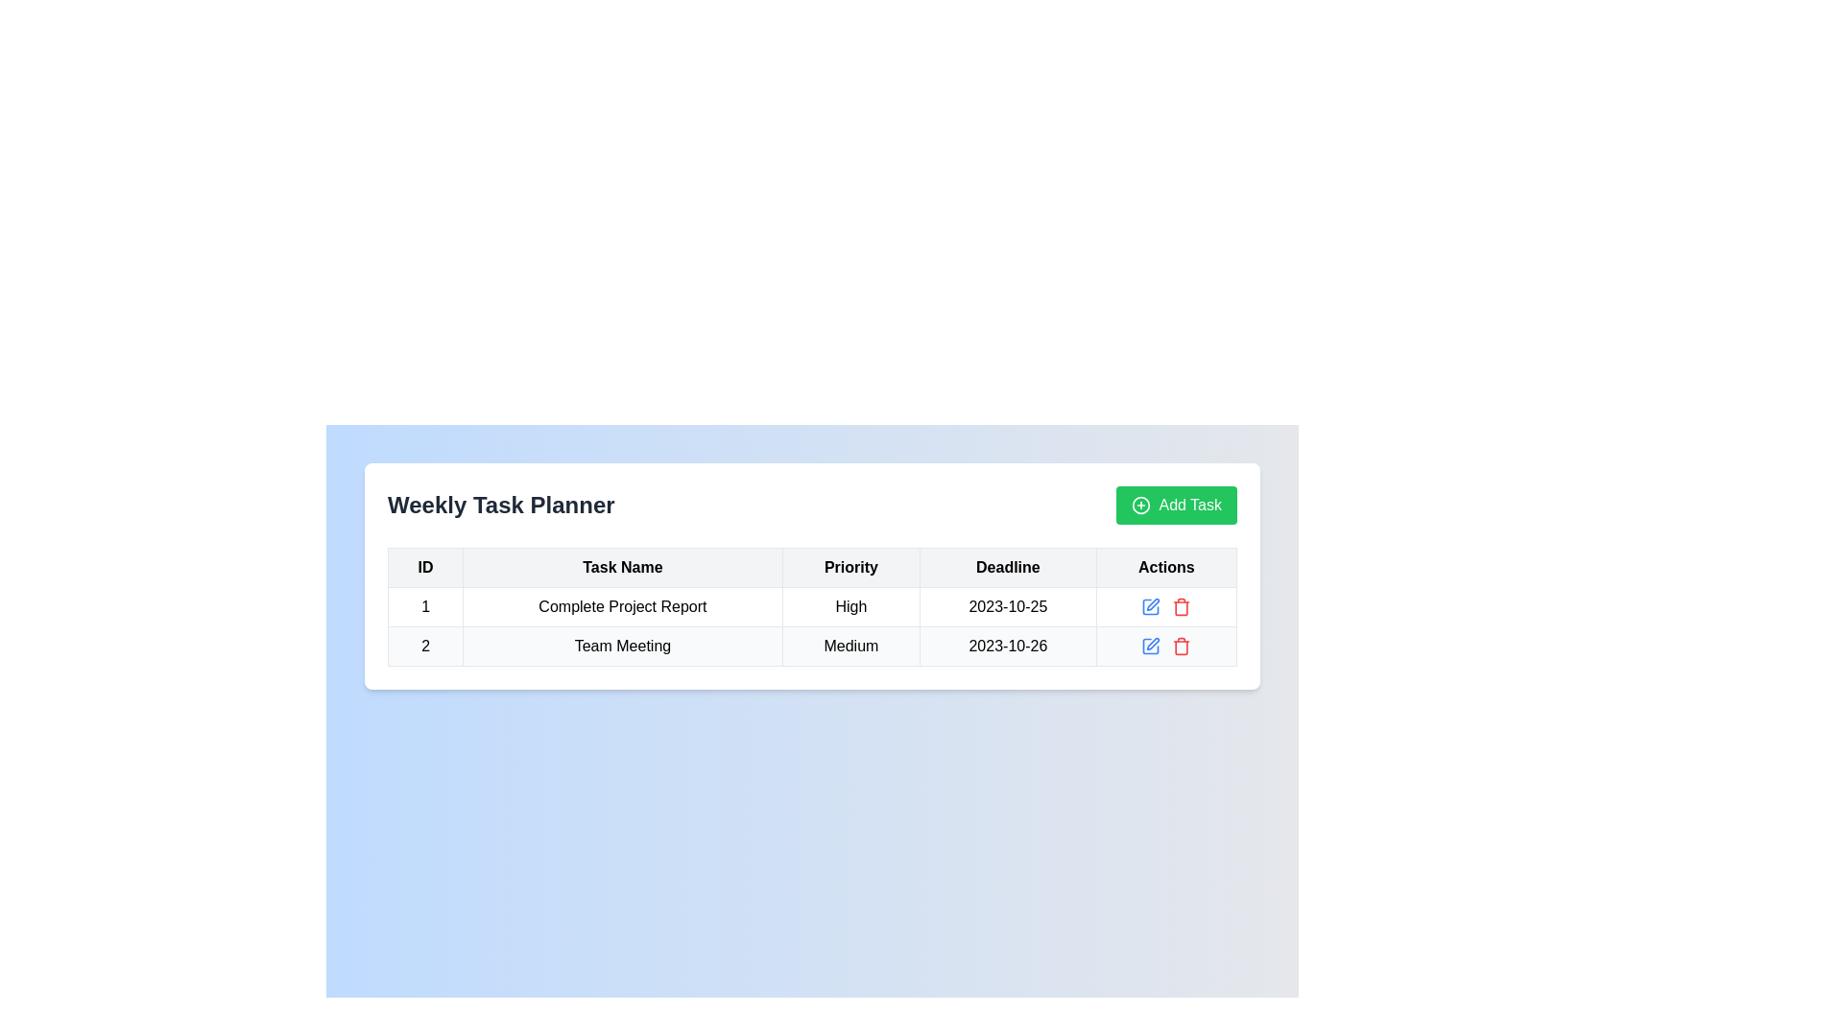 Image resolution: width=1843 pixels, height=1036 pixels. I want to click on the small pen icon in the 'Actions' column of the second row to initiate editing for the task 'Team Meeting.', so click(1152, 644).